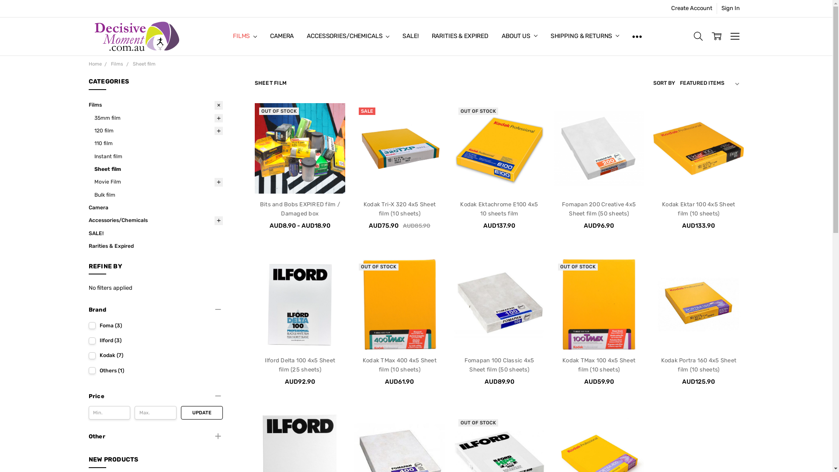 The width and height of the screenshot is (839, 472). I want to click on 'Kodak TMax 400 4x5 Sheet film (10 sheets)', so click(399, 364).